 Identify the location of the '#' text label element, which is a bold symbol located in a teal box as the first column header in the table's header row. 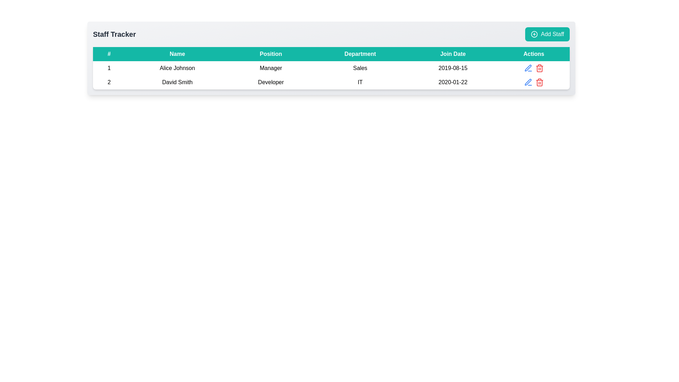
(109, 54).